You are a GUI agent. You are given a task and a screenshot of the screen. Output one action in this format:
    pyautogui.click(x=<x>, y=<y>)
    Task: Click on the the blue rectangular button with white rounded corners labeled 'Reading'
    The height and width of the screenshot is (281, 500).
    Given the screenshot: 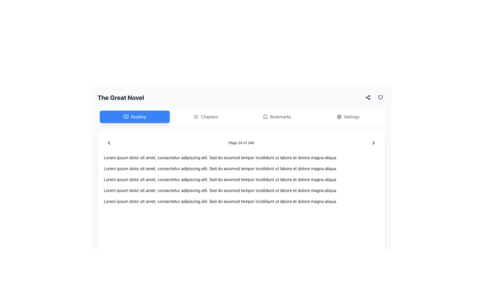 What is the action you would take?
    pyautogui.click(x=135, y=116)
    